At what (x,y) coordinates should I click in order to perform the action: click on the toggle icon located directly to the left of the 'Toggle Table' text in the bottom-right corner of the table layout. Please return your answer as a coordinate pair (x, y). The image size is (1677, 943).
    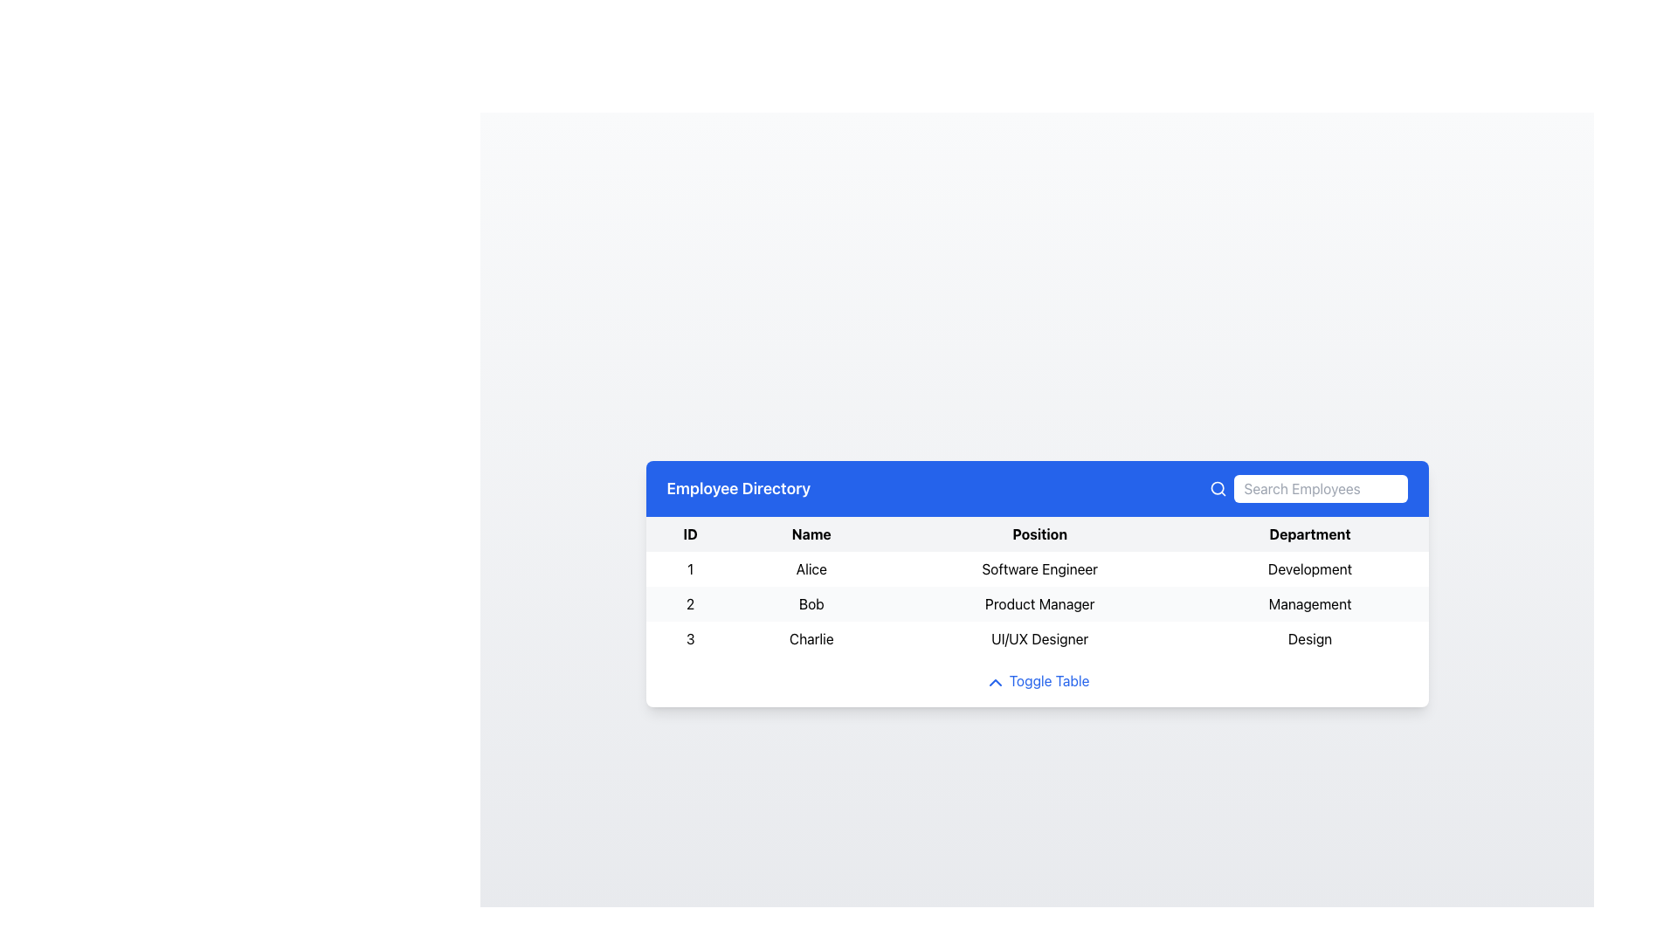
    Looking at the image, I should click on (995, 681).